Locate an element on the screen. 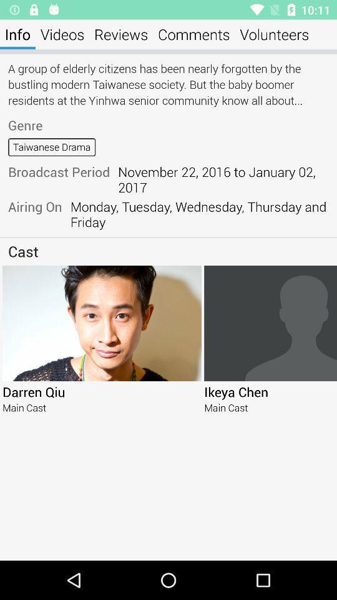  icon to the right of the comments is located at coordinates (273, 34).